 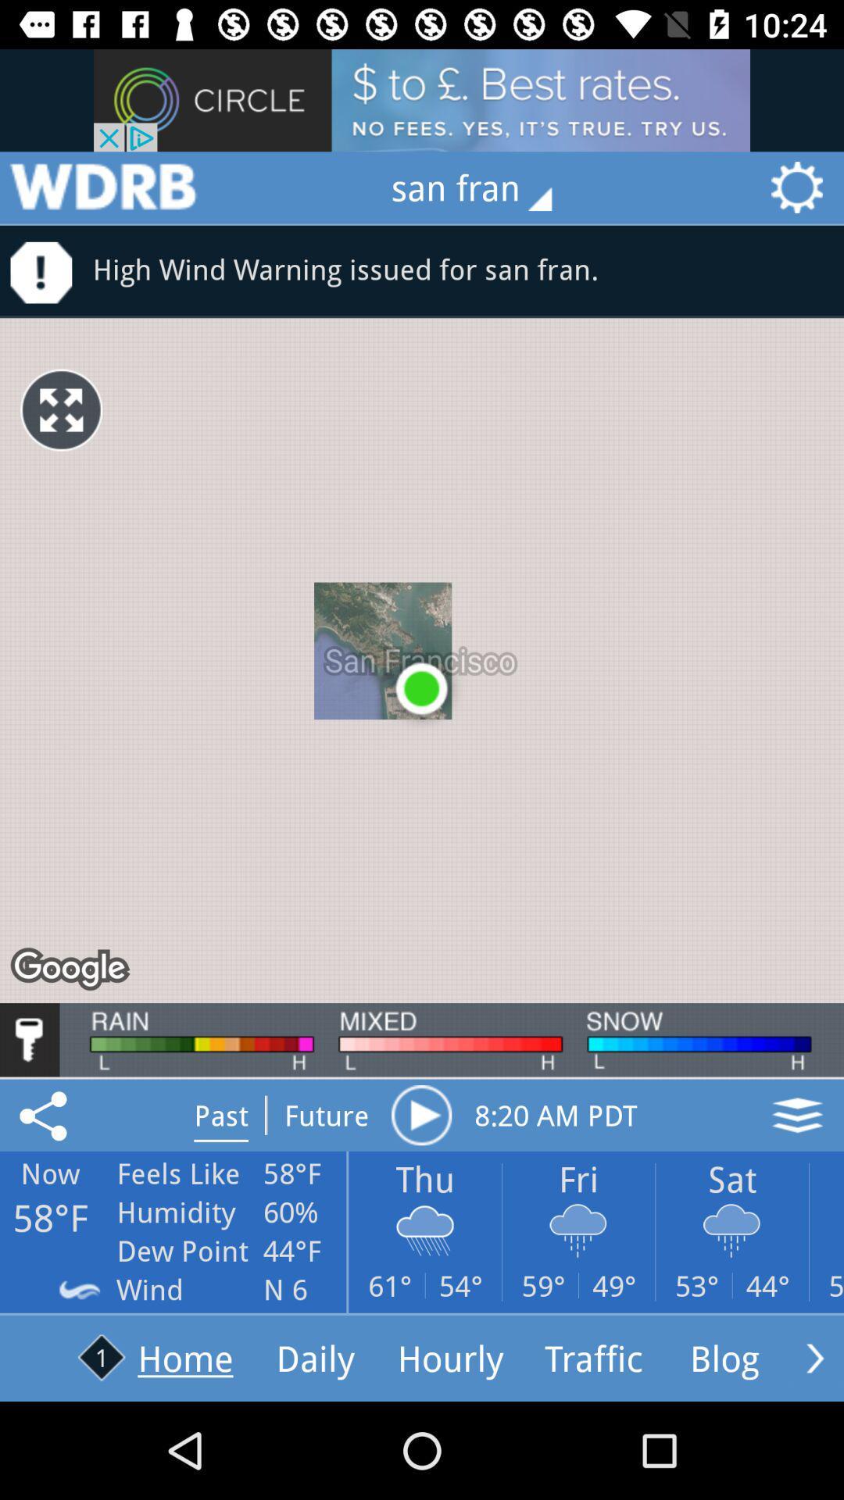 I want to click on advertisement, so click(x=102, y=187).